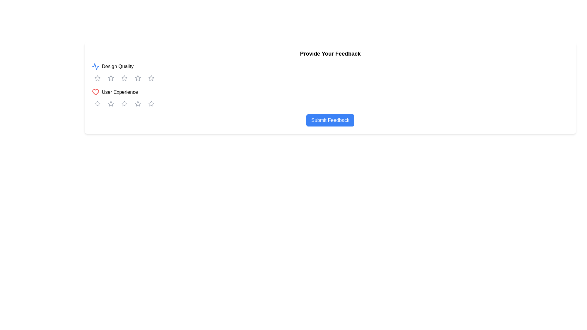 Image resolution: width=587 pixels, height=330 pixels. I want to click on the fifth star icon in the rating mechanism for 'Design Quality', so click(151, 78).